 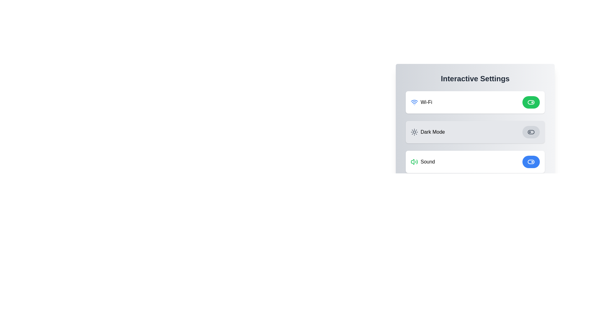 I want to click on the toggle button with a blue background and rounded edges, positioned in the bottom-right corner of the 'Sound' setting in the 'Interactive Settings' section, so click(x=531, y=161).